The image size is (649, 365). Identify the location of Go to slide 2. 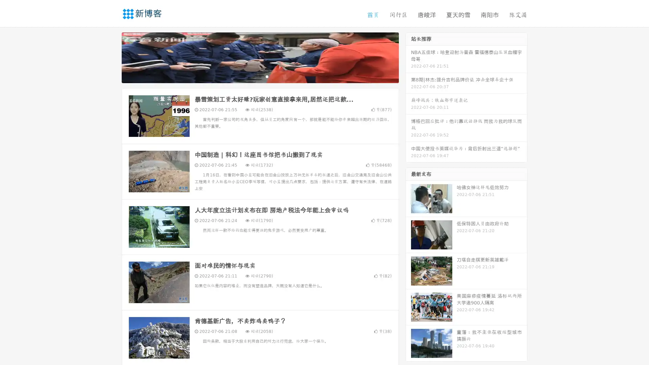
(260, 76).